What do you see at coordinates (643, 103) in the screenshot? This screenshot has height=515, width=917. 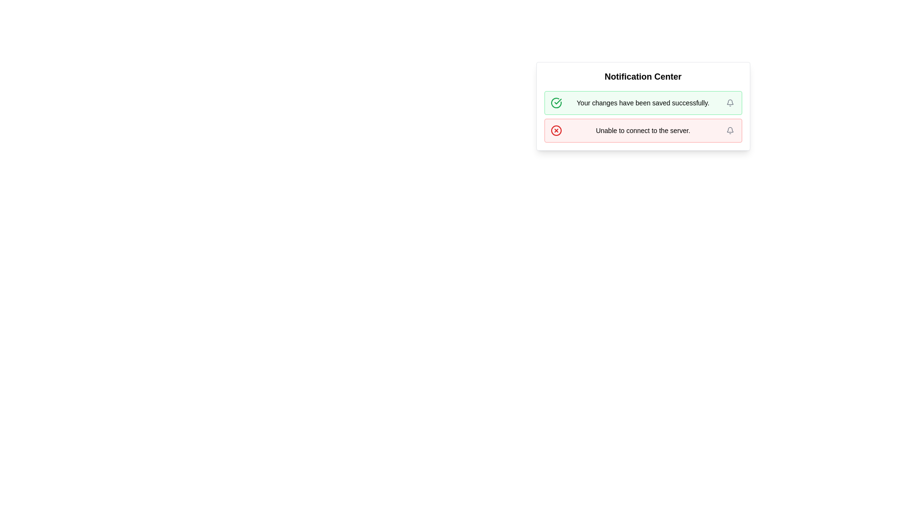 I see `notification message indicating a successful operation, which is the first entry in a vertically stacked group of notifications` at bounding box center [643, 103].